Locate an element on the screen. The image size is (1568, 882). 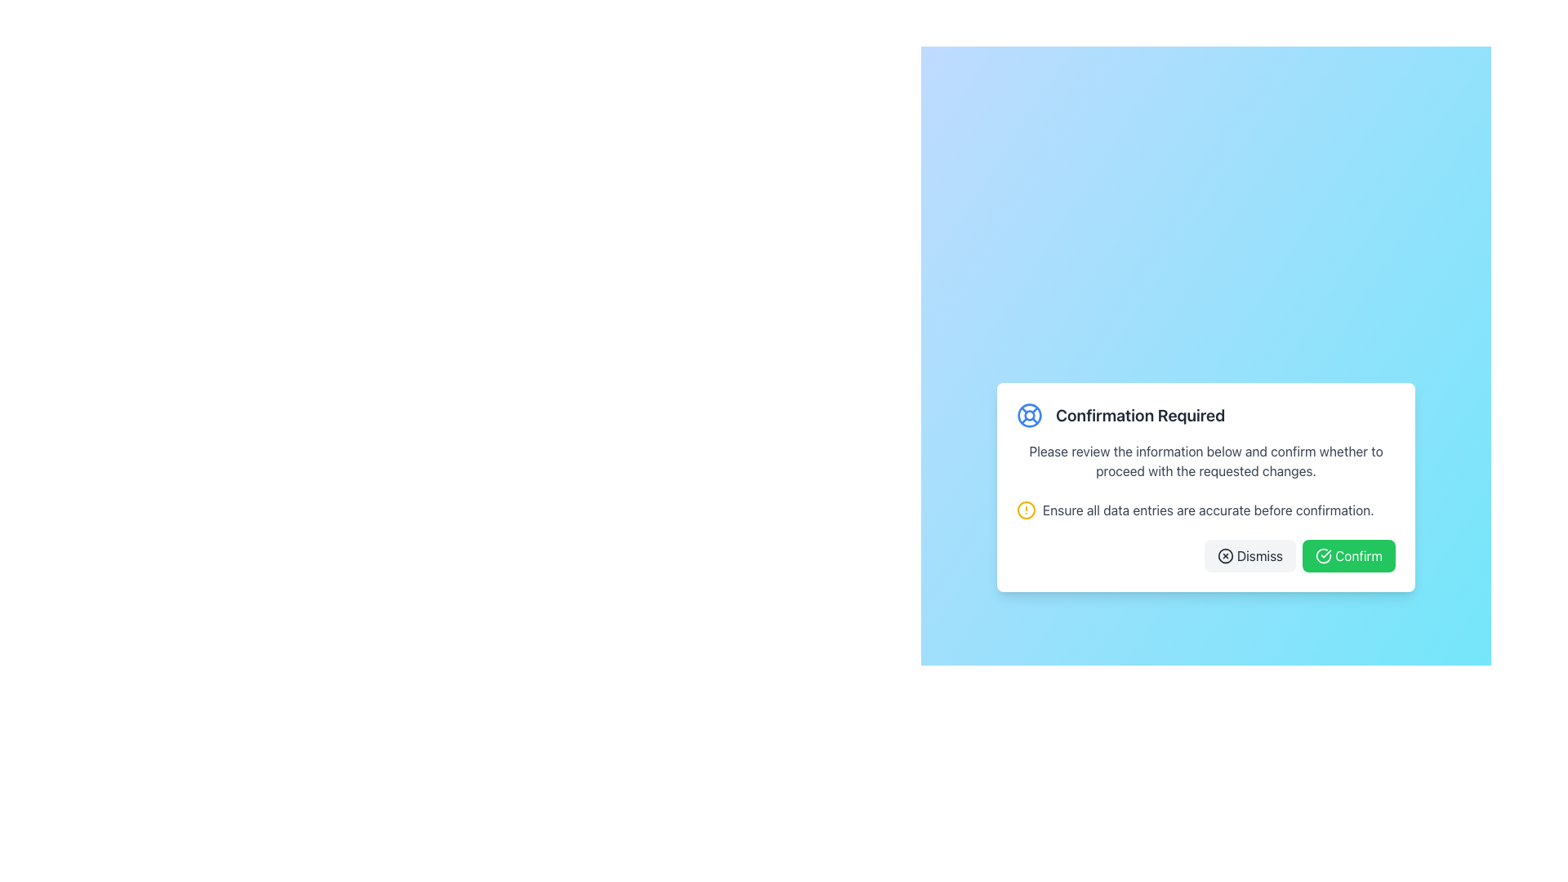
the 'Dismiss' button with rounded corners, light gray background, and black text is located at coordinates (1249, 555).